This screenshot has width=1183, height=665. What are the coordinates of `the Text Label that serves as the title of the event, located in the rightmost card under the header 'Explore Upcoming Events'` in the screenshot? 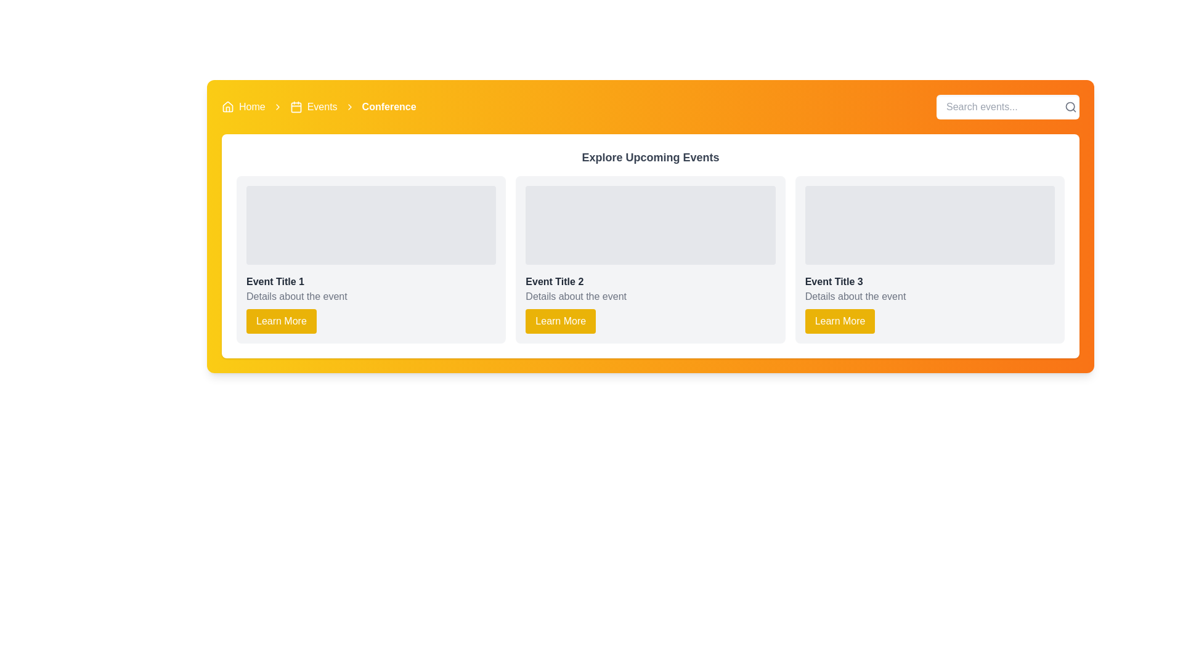 It's located at (834, 282).